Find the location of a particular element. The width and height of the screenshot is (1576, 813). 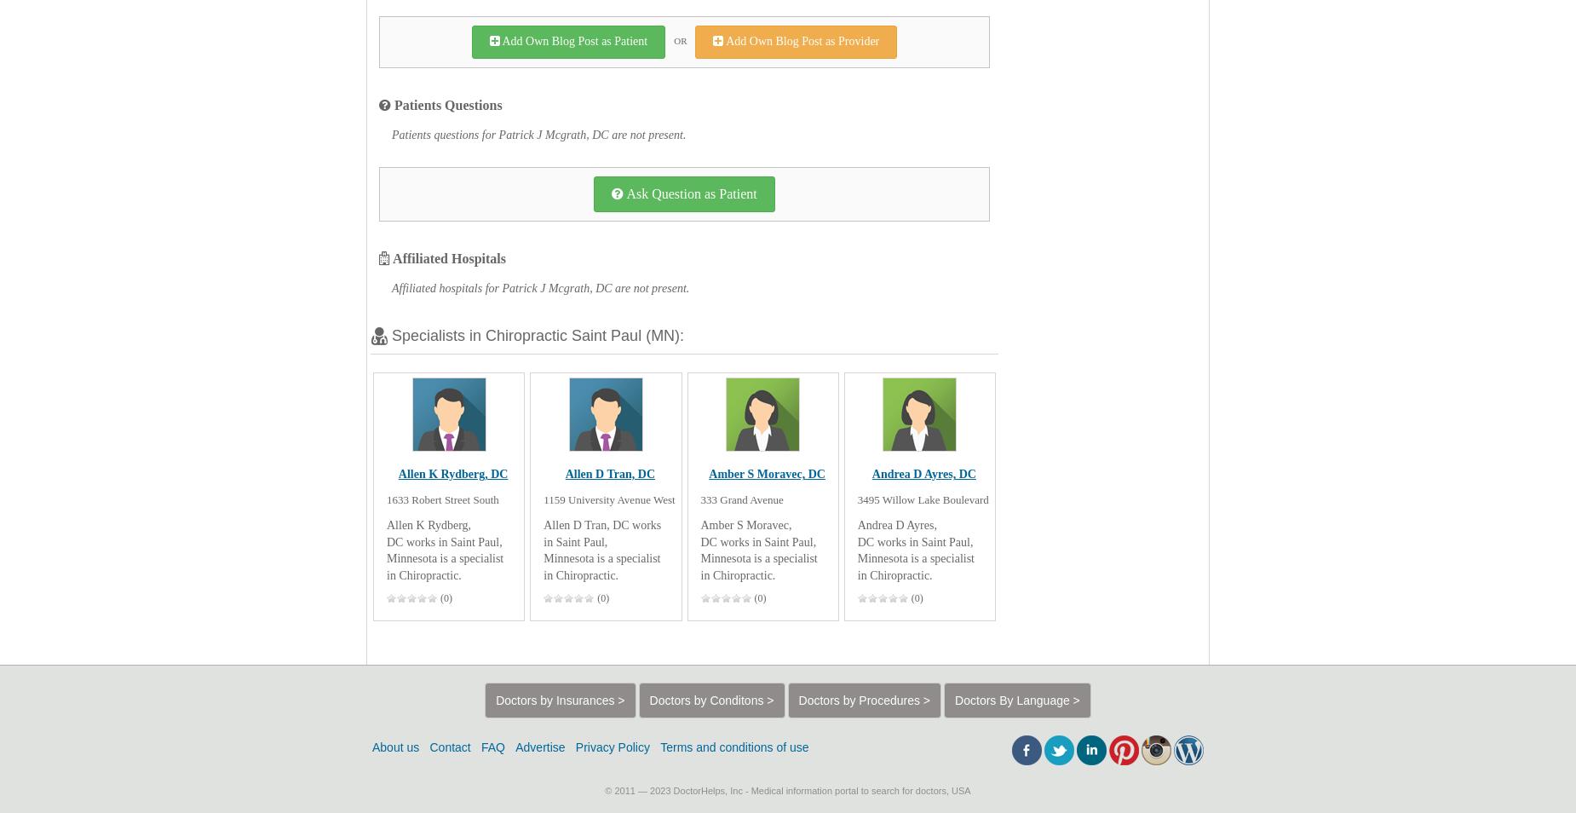

'Andrea D Ayres, DC' is located at coordinates (922, 473).